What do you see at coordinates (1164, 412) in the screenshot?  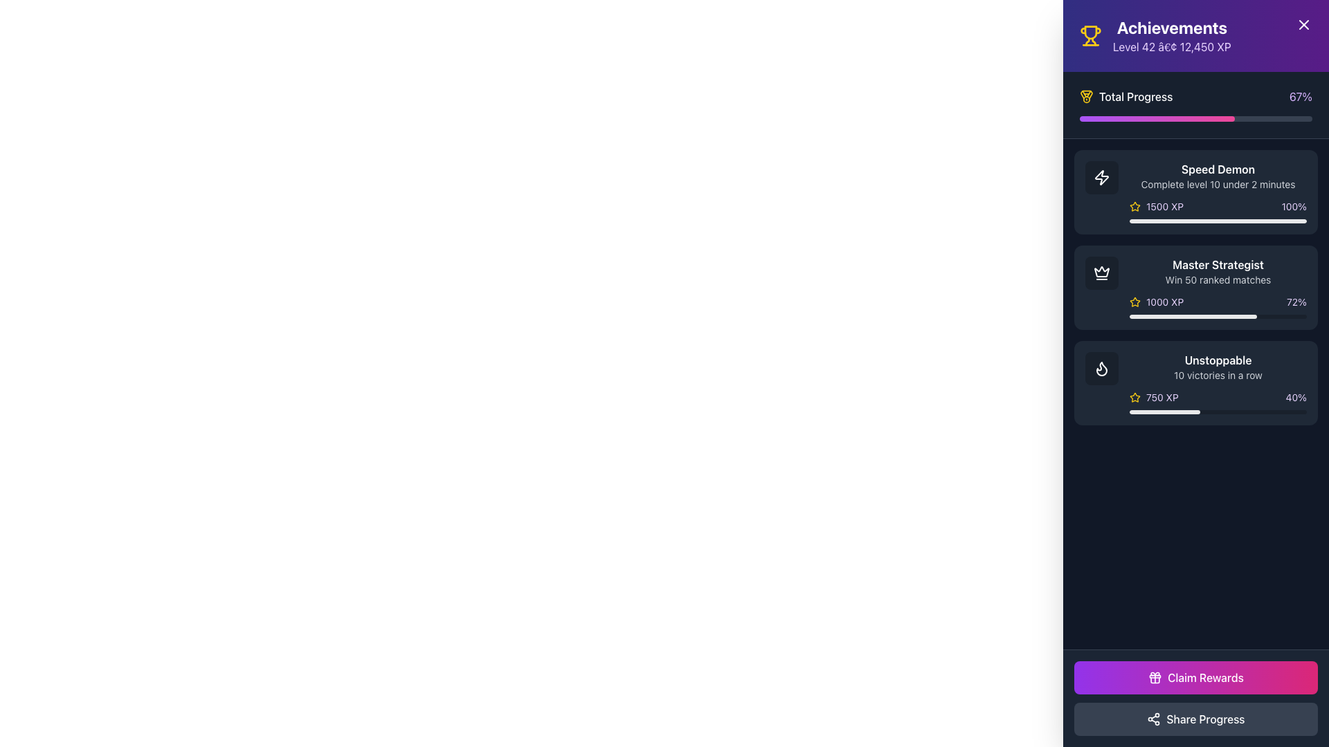 I see `the leftmost portion of the progress bar segment, which is a horizontally aligned progress bar filled partially with a light-gray background and a white-opaque foreground fill` at bounding box center [1164, 412].